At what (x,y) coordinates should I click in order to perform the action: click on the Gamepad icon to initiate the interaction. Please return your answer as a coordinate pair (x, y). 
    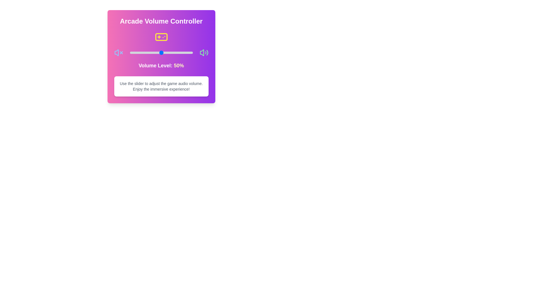
    Looking at the image, I should click on (161, 37).